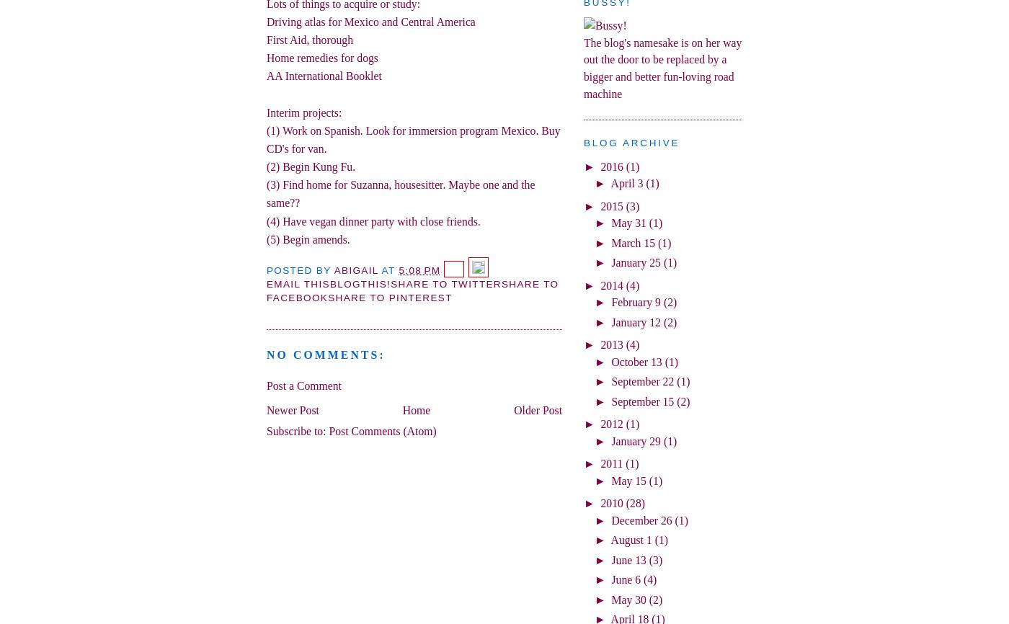  Describe the element at coordinates (626, 579) in the screenshot. I see `'June 6'` at that location.